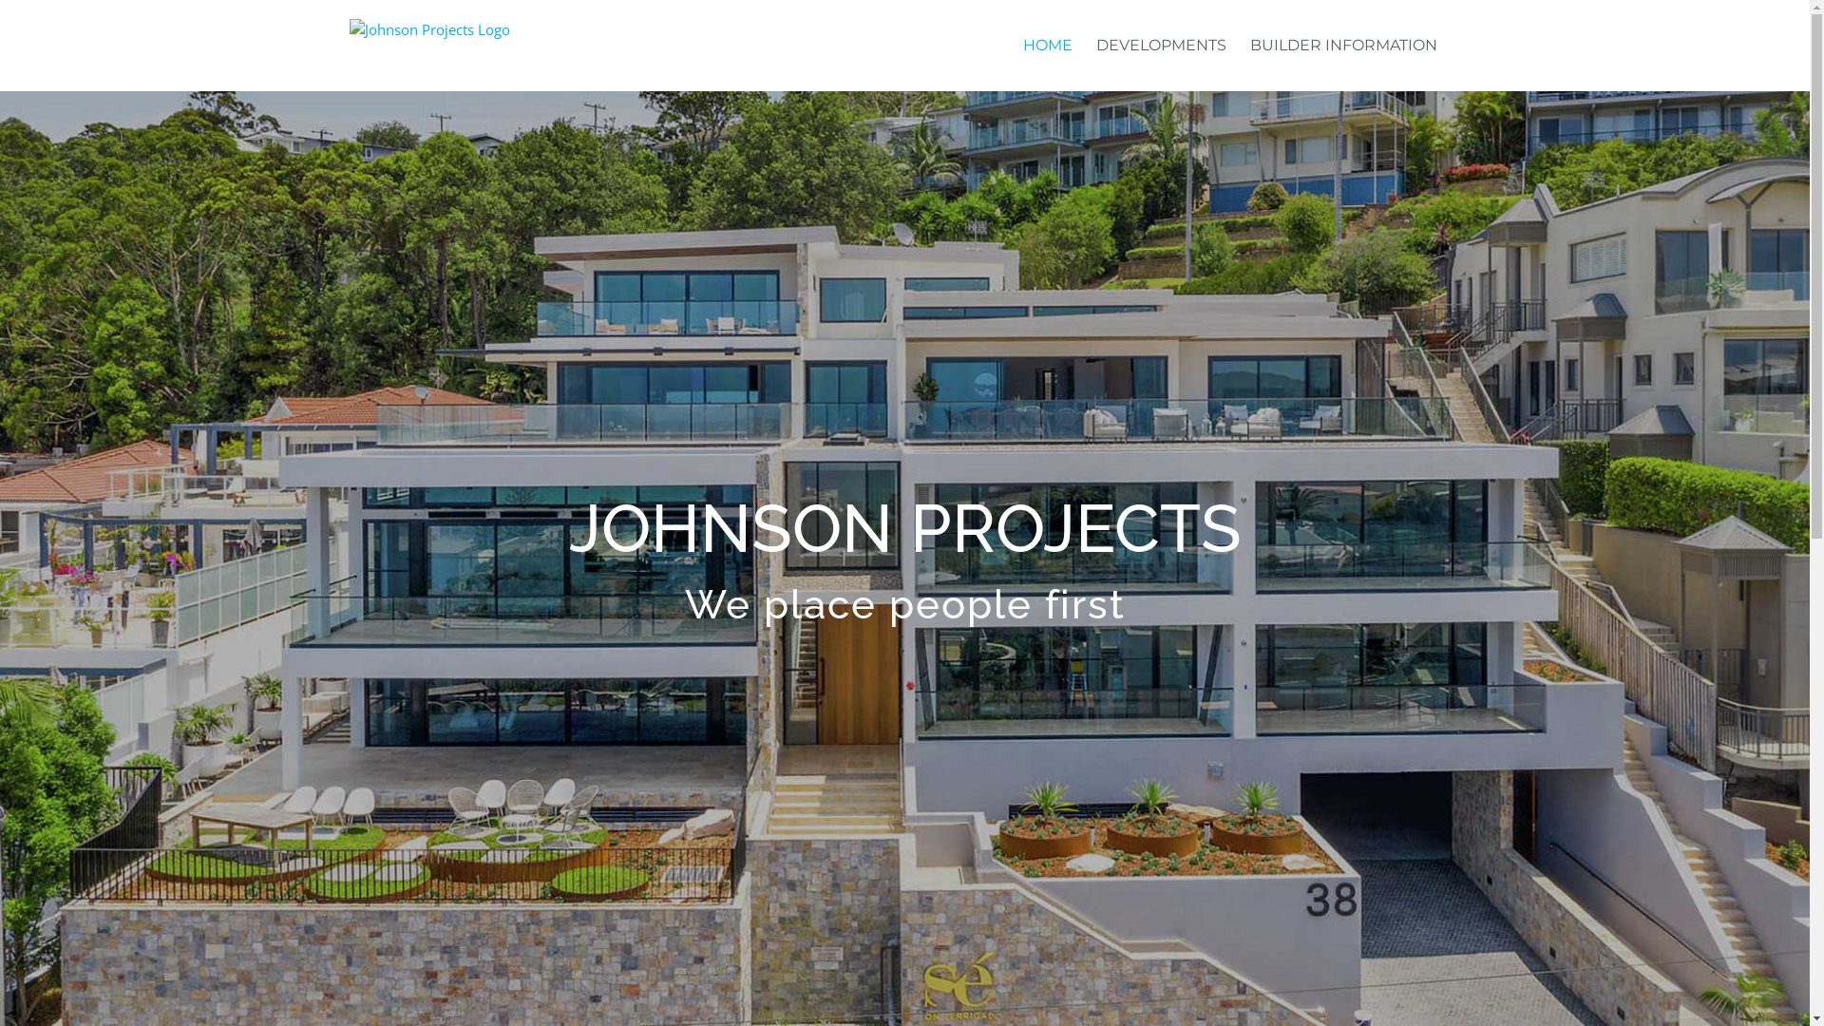 The height and width of the screenshot is (1026, 1824). I want to click on 'HOME', so click(1020, 44).